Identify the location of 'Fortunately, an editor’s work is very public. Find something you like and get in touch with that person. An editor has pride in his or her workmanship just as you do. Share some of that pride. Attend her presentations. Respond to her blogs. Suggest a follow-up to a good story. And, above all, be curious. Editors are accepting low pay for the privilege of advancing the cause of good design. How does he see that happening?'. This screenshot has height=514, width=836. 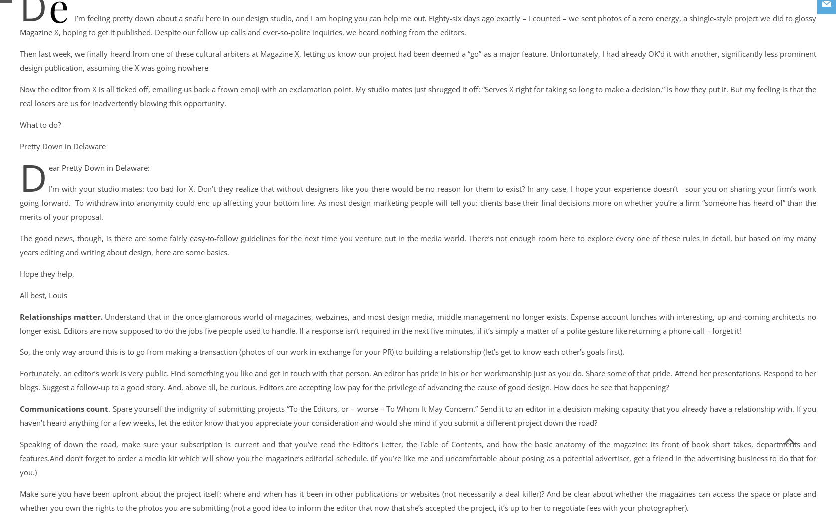
(418, 380).